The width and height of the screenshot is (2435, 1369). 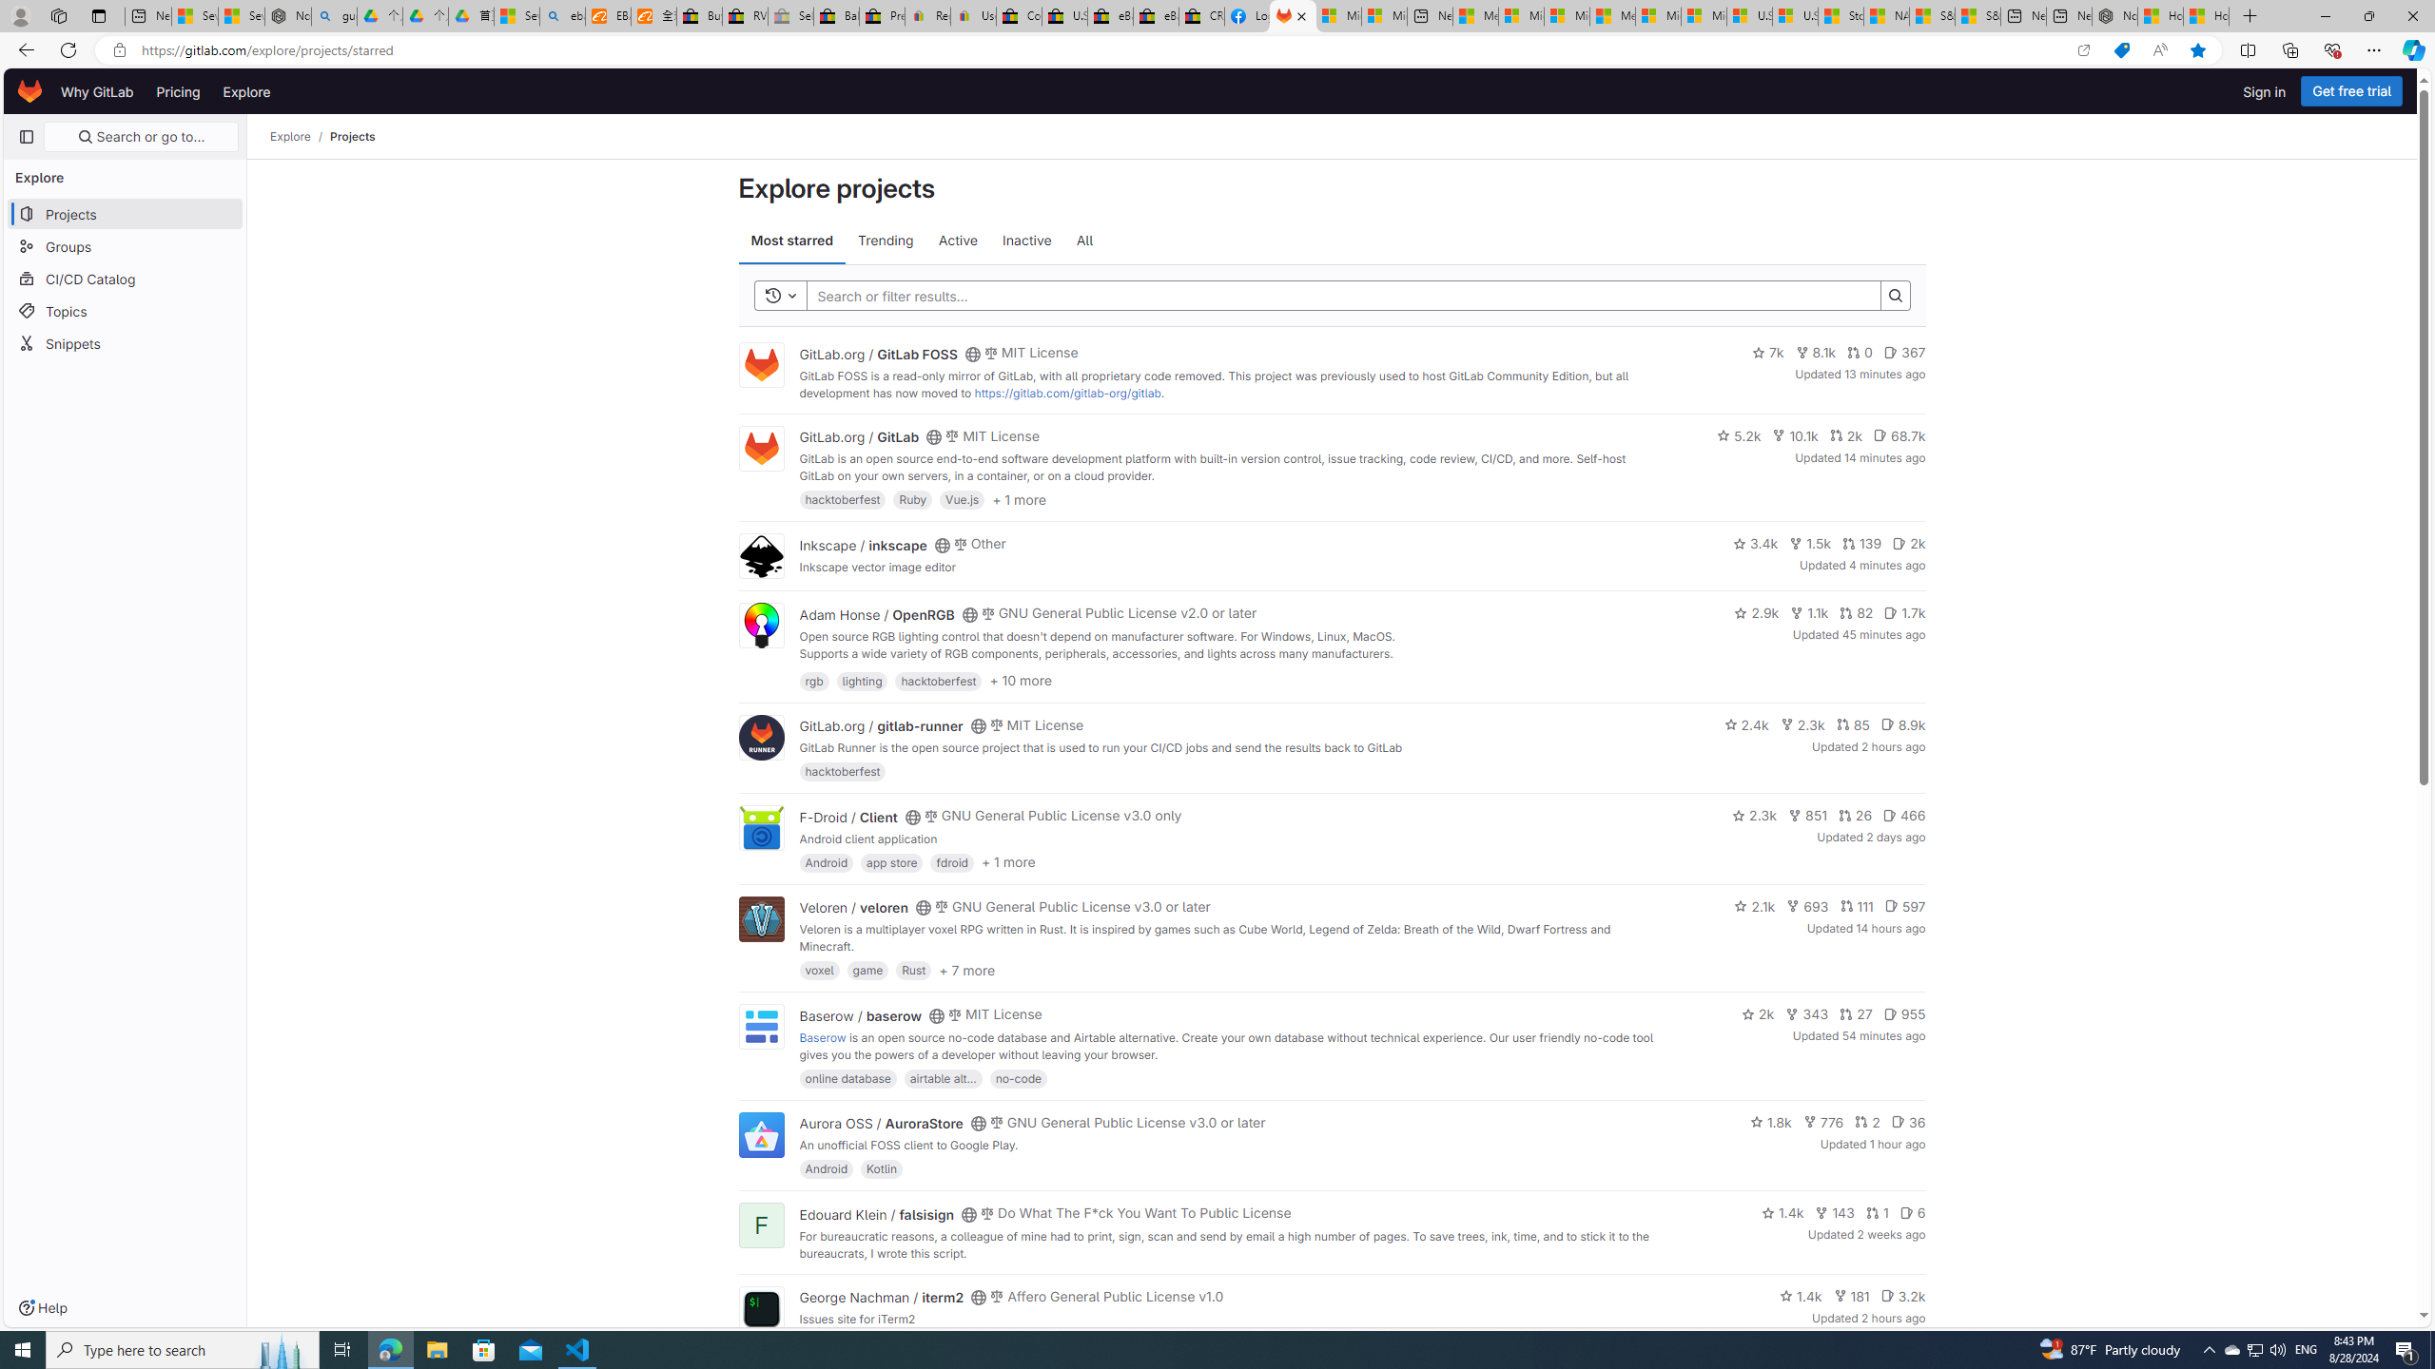 What do you see at coordinates (1860, 543) in the screenshot?
I see `'139'` at bounding box center [1860, 543].